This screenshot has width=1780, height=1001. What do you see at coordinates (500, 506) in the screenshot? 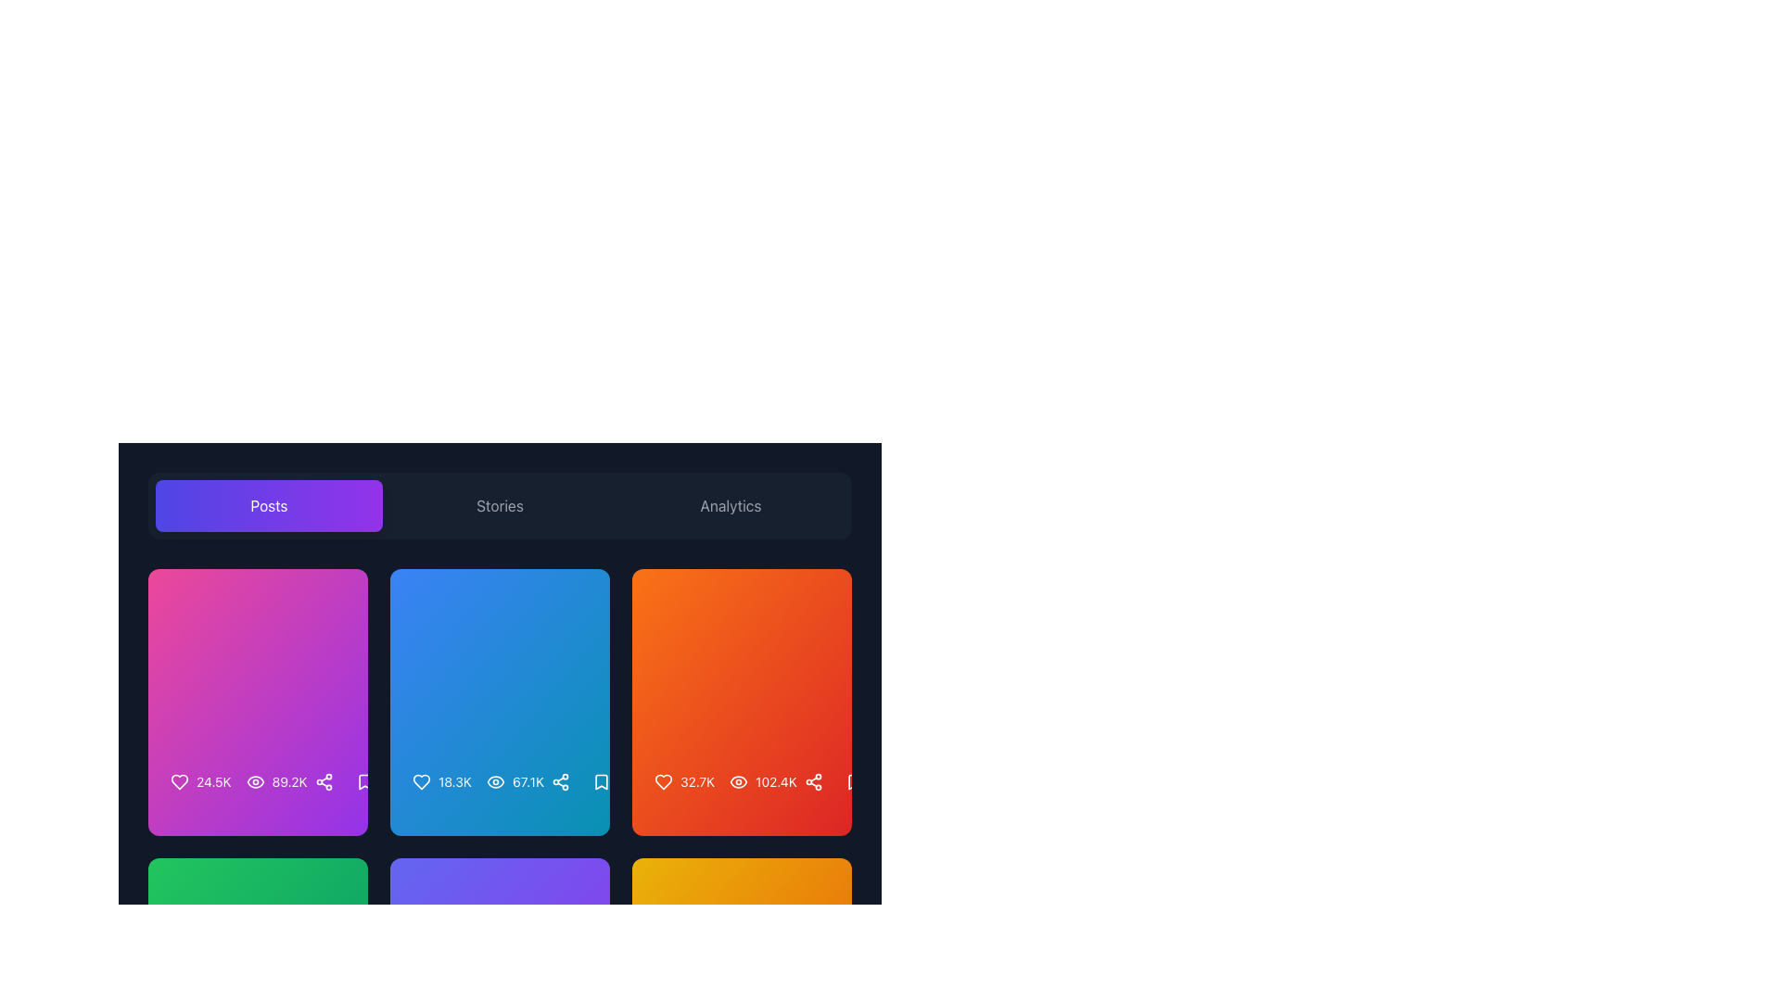
I see `the 'Stories' button, which is a rectangular button with light gray text on a dark background, located in the header section between the 'Posts' and 'Analytics' buttons` at bounding box center [500, 506].